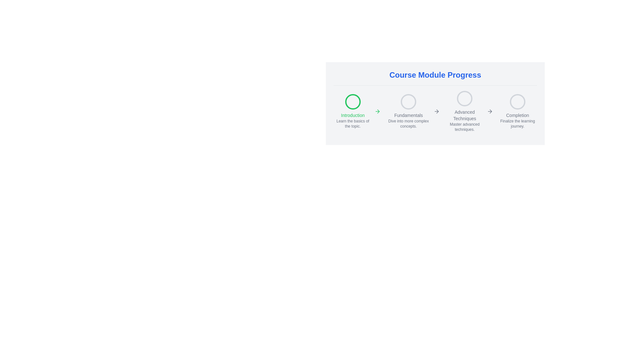  What do you see at coordinates (517, 115) in the screenshot?
I see `the text label indicating the name of the fourth module in the 'Course Module Progress' display, which is located between a rounded circle above and smaller descriptive text below` at bounding box center [517, 115].